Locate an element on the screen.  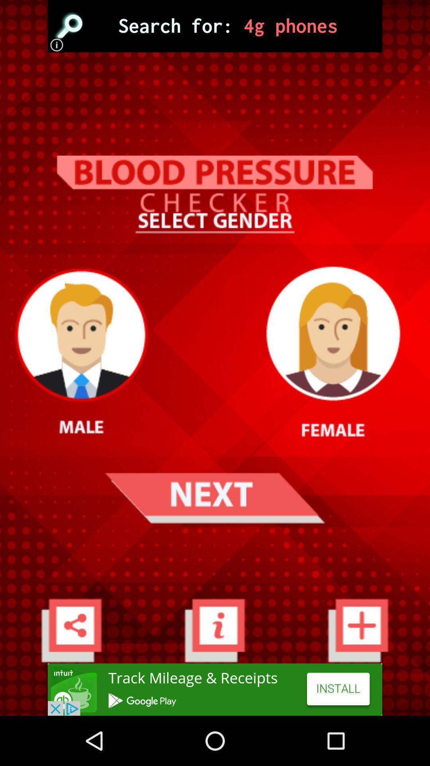
setting option is located at coordinates (71, 630).